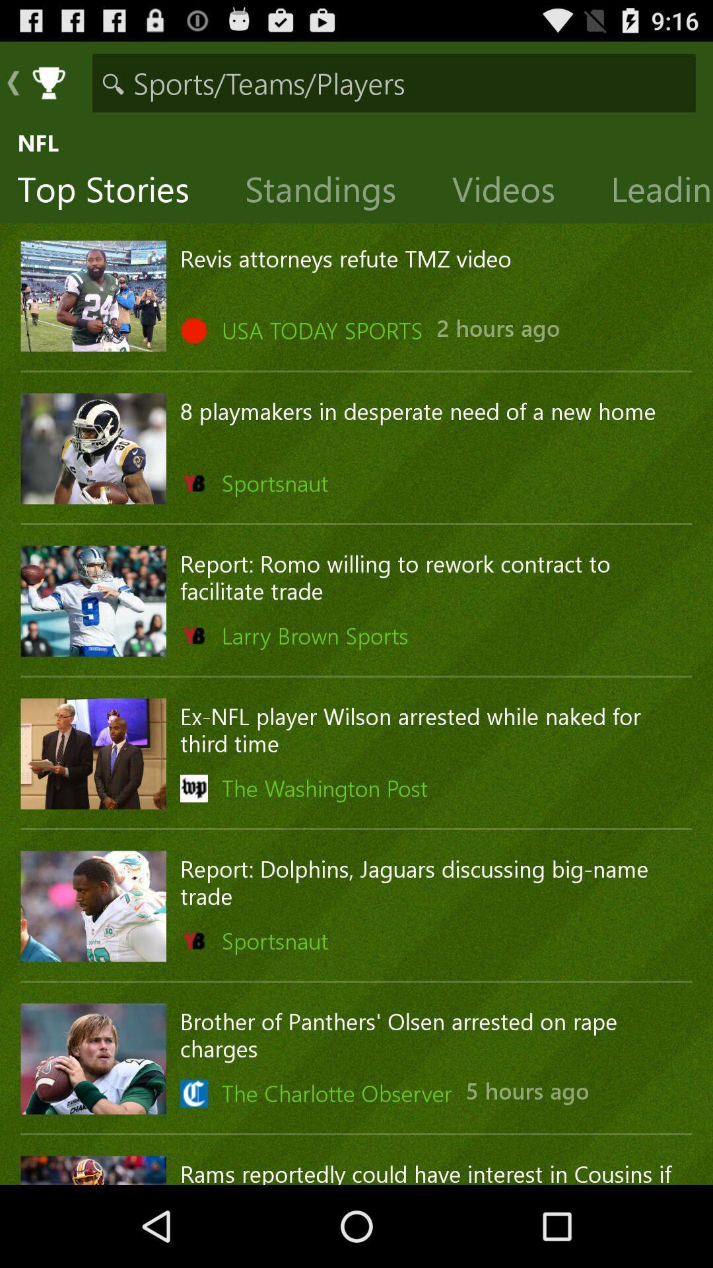  I want to click on the leading players icon, so click(652, 192).